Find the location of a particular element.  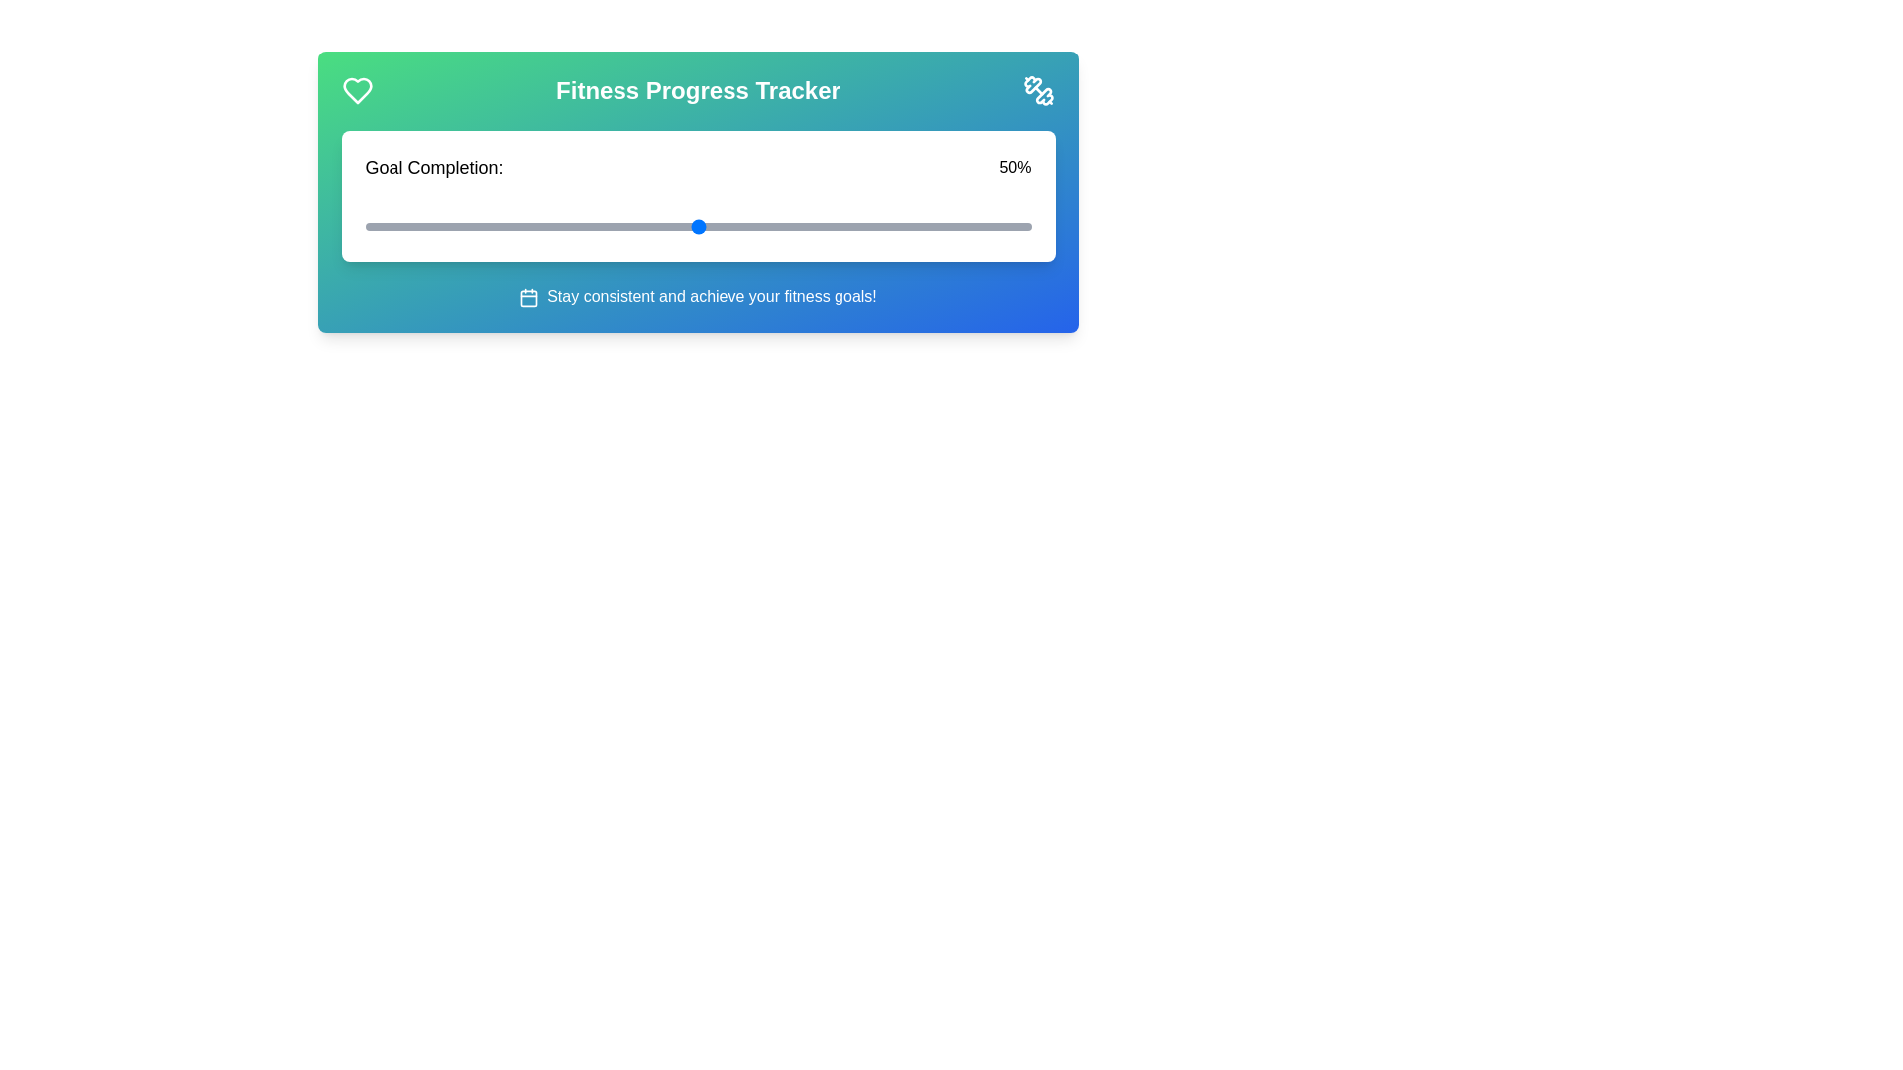

the slider to set the goal completion percentage to 16 is located at coordinates (470, 225).